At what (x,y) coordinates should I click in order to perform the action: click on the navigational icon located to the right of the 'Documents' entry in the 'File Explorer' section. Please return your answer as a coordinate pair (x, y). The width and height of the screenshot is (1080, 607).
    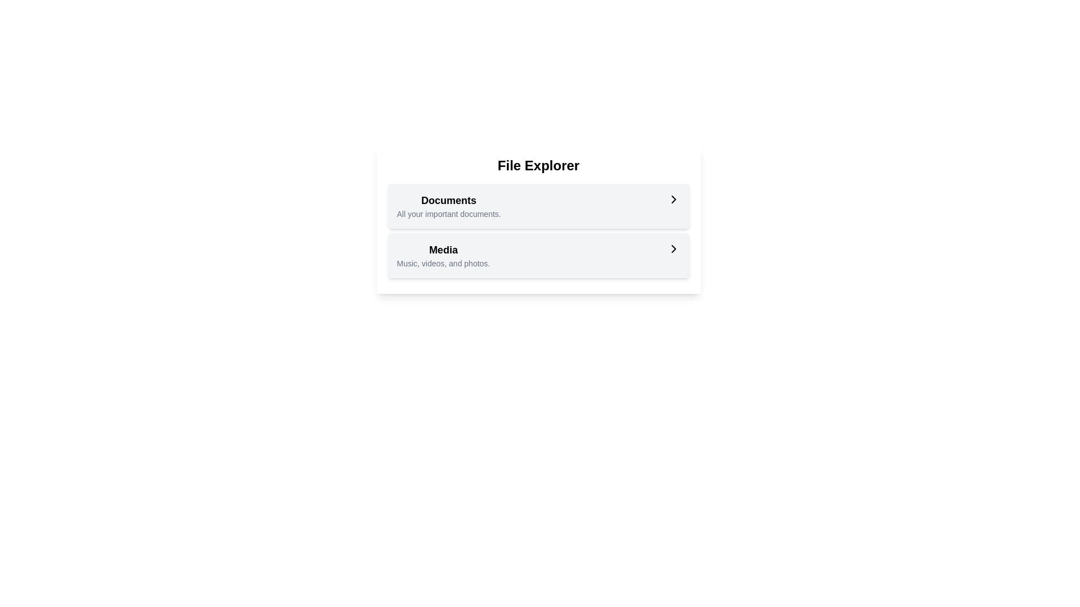
    Looking at the image, I should click on (673, 198).